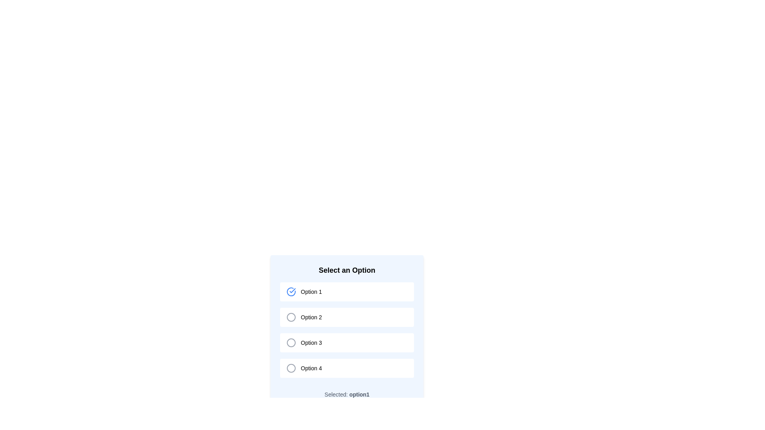  What do you see at coordinates (359, 395) in the screenshot?
I see `the static text that displays the currently selected option in the list, specifically the last word in the line 'Selected: option1'` at bounding box center [359, 395].